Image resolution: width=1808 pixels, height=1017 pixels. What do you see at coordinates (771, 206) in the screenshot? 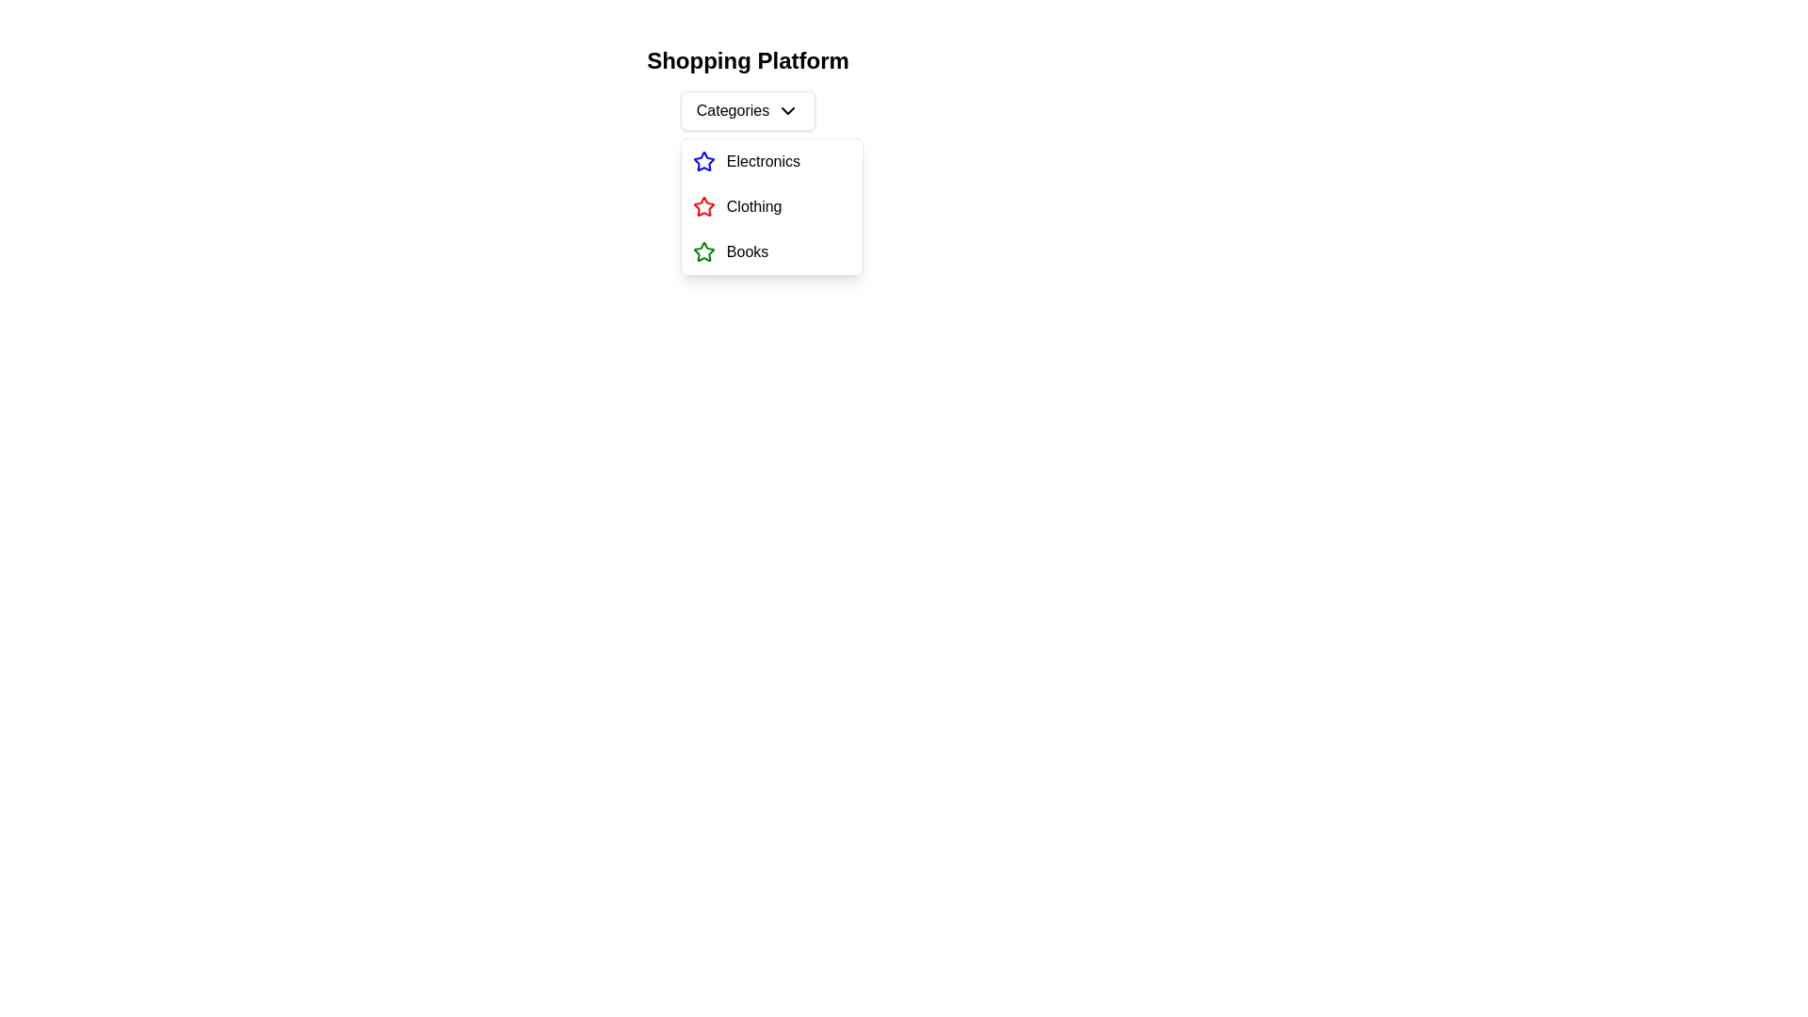
I see `the 'Clothing' menu item, the second selectable option in the dropdown menu located below the 'Categories' button` at bounding box center [771, 206].